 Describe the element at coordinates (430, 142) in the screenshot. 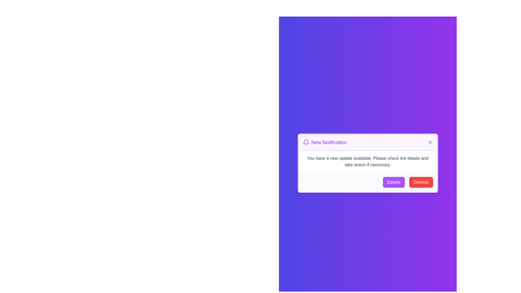

I see `the small purple button with an 'X' icon located in the upper-right corner of the 'New Notification' panel` at that location.